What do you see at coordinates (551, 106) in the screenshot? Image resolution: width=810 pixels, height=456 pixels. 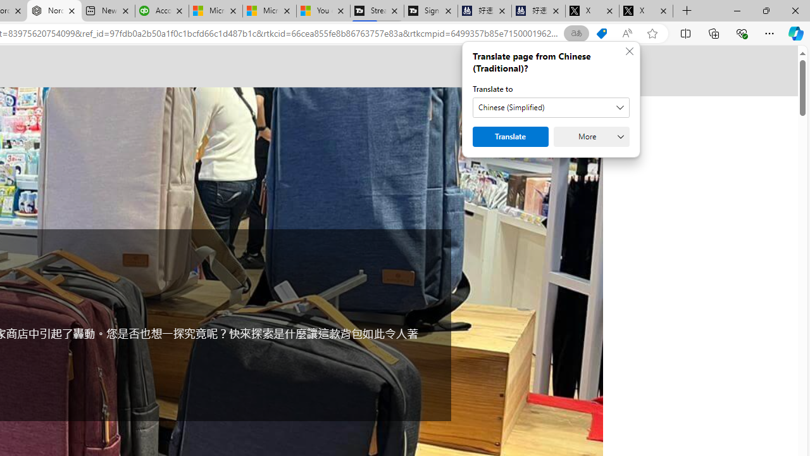 I see `'Translate to'` at bounding box center [551, 106].